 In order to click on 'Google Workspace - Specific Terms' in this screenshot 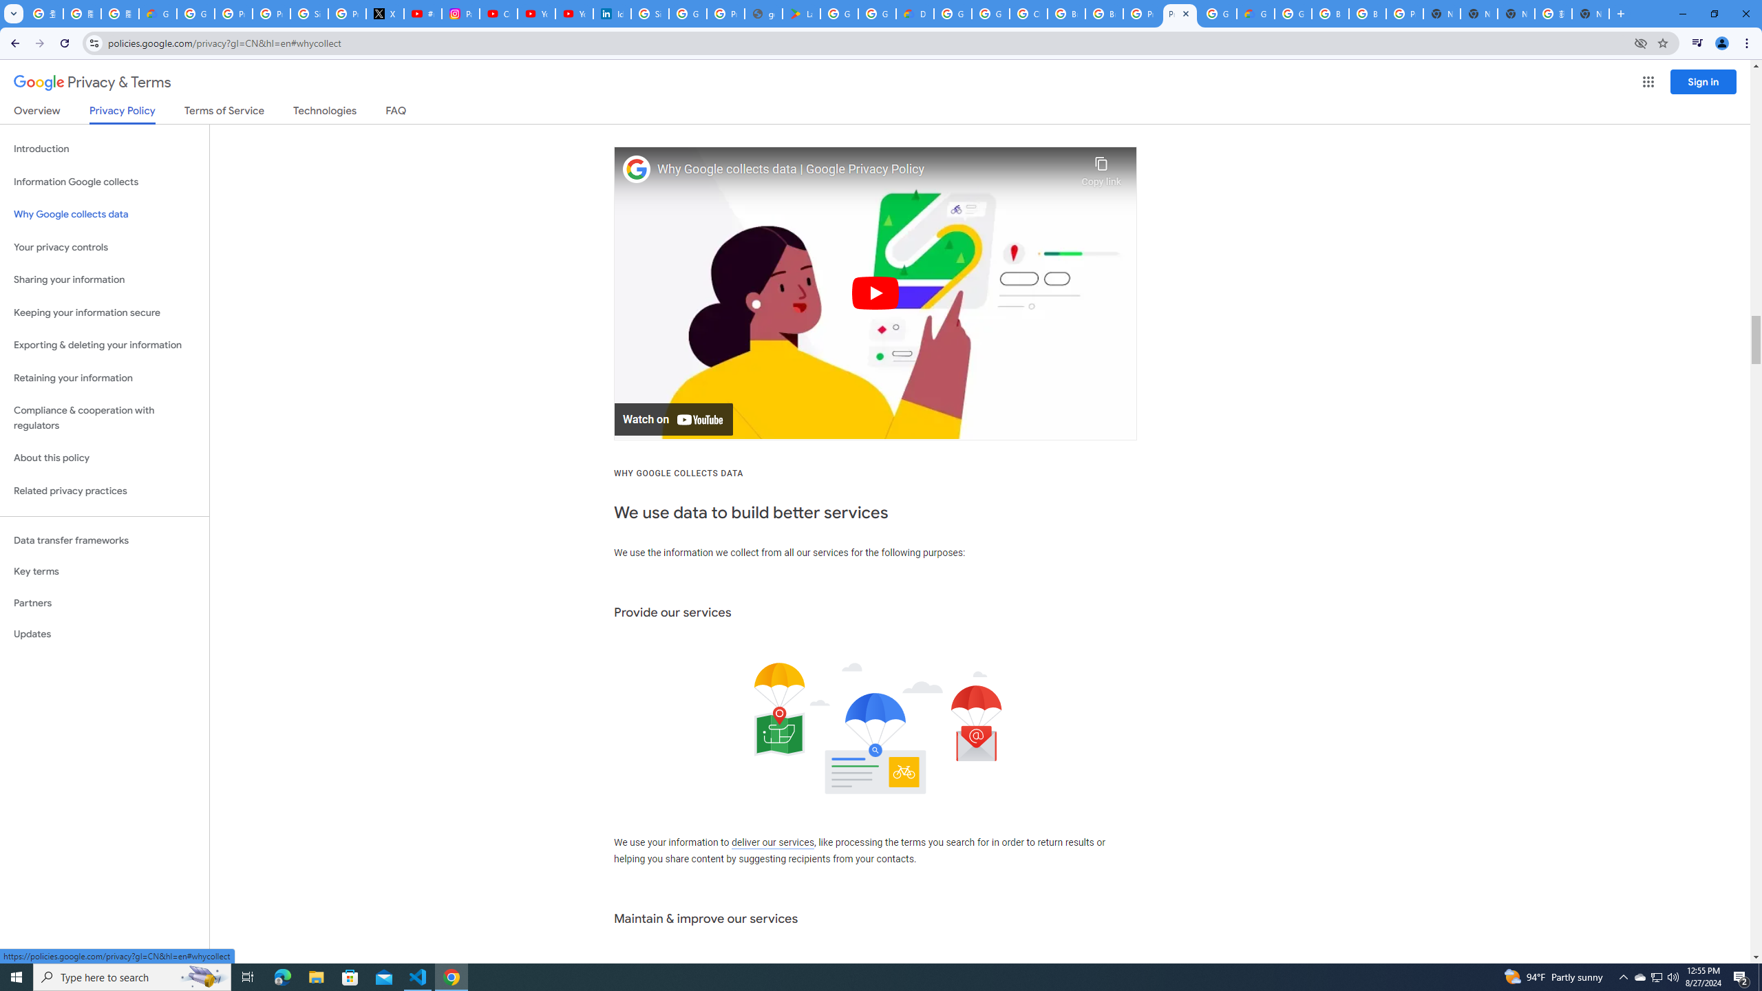, I will do `click(876, 13)`.